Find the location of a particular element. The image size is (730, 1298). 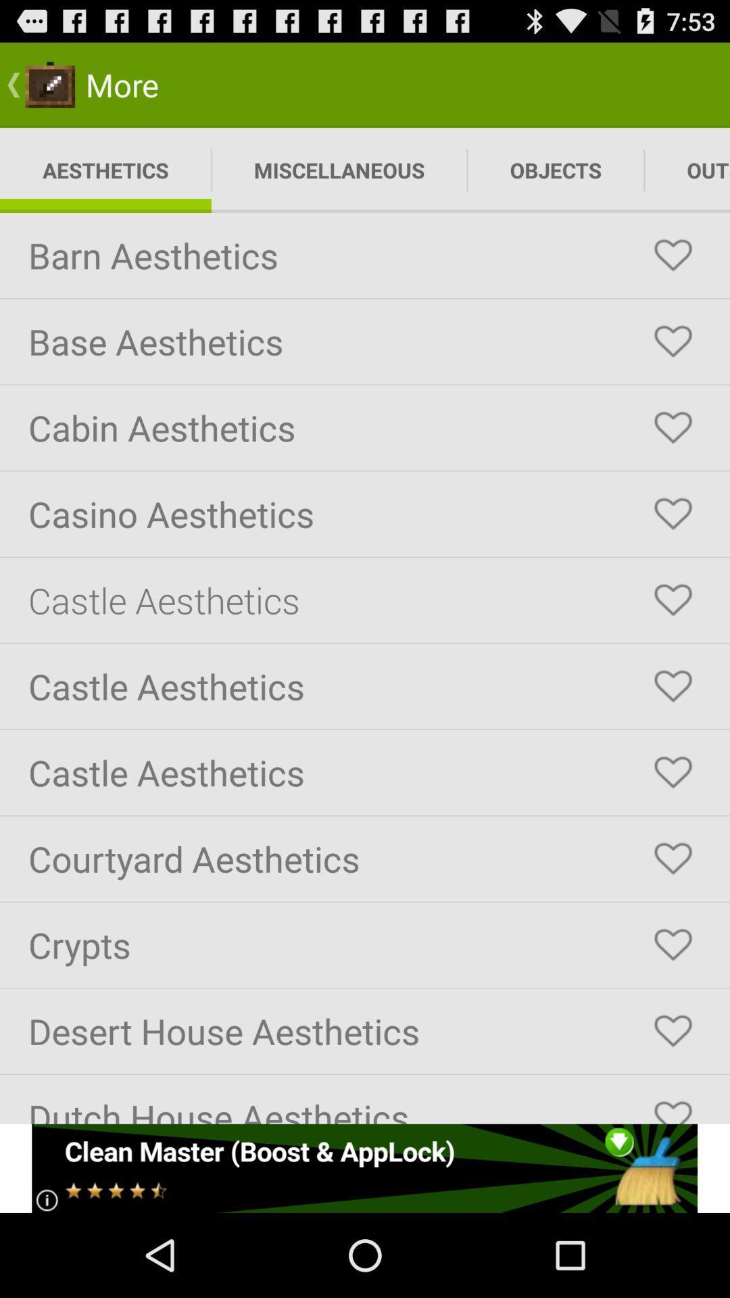

the heart symbol which is right side to the courtyard aesthetics is located at coordinates (673, 859).